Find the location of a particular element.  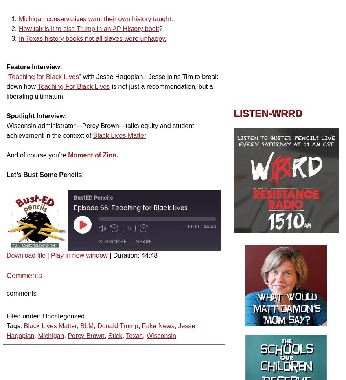

'00:00' is located at coordinates (185, 226).